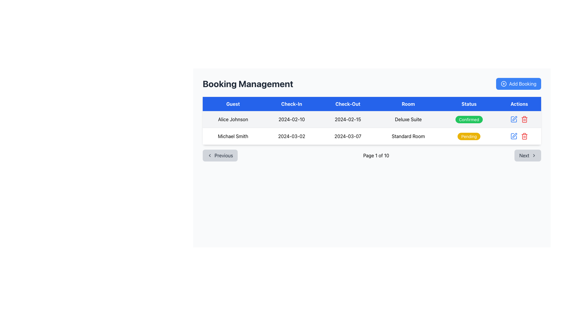 This screenshot has height=320, width=569. Describe the element at coordinates (233, 104) in the screenshot. I see `the 'Guest' column header label in the table, which is the first element in the header section and indicates the column for guest names` at that location.